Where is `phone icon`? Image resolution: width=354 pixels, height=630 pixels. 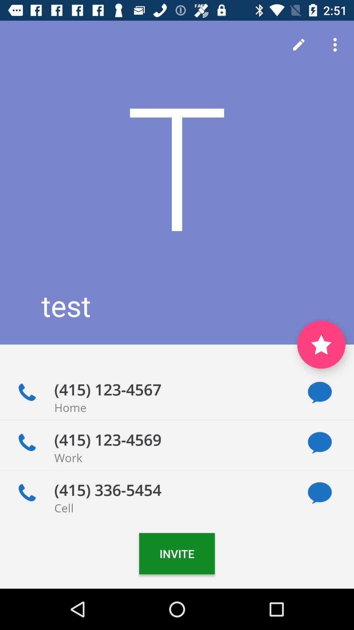
phone icon is located at coordinates (27, 493).